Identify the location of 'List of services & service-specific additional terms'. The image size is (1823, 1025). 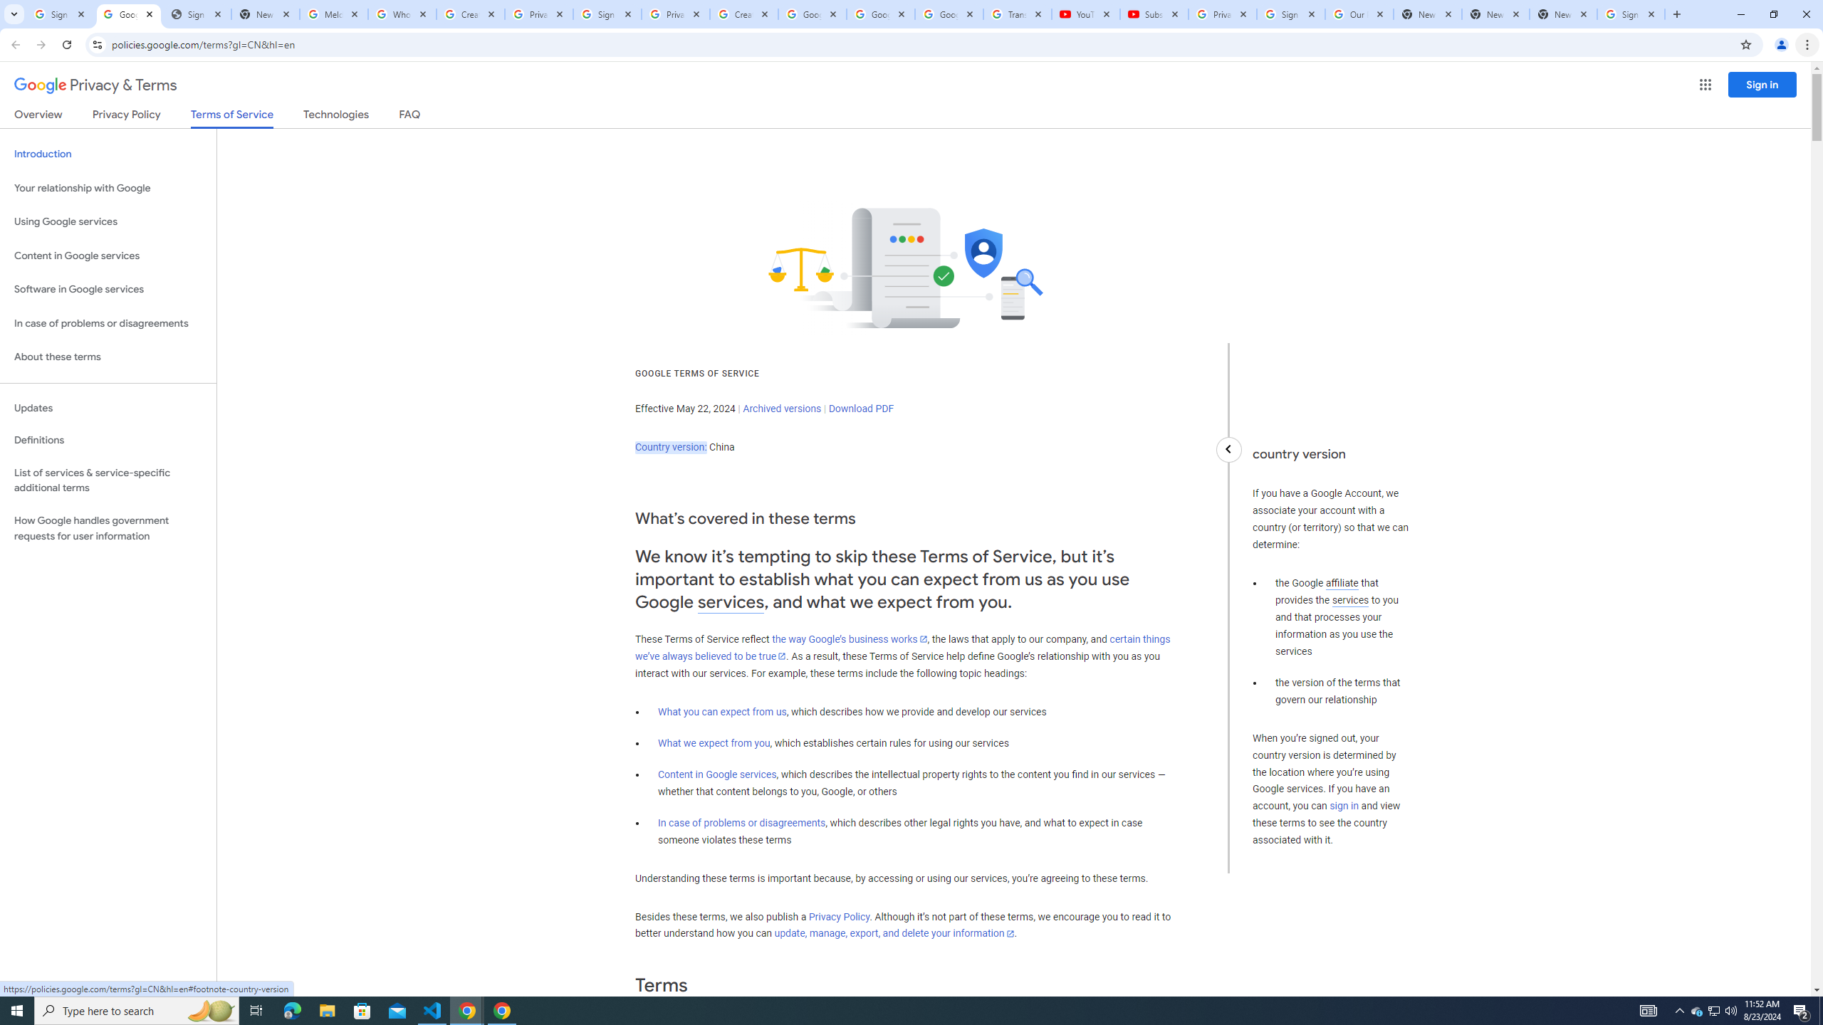
(108, 480).